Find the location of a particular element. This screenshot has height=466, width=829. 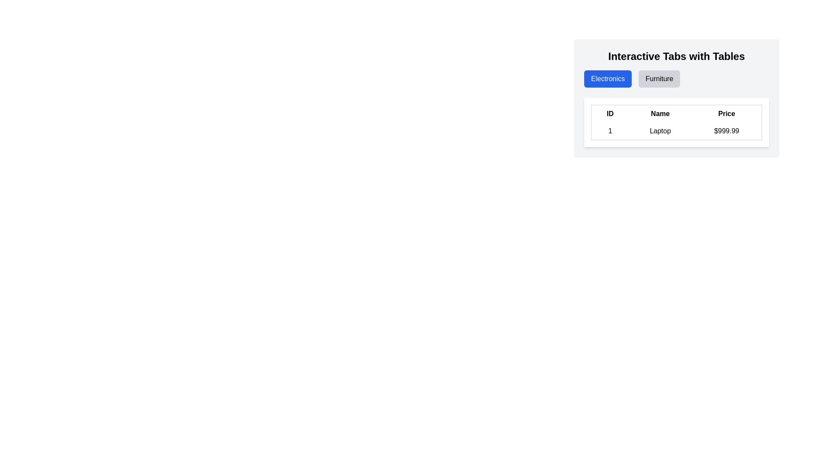

the 'Furniture' tab, which is the second tab in a horizontal row of tabs for navigating or filtering content is located at coordinates (659, 79).